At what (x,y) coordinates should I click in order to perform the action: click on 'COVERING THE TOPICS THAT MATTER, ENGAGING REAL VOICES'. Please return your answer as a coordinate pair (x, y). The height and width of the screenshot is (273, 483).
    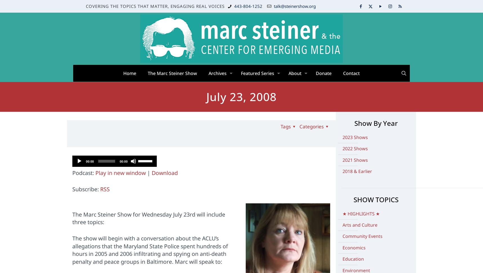
    Looking at the image, I should click on (155, 6).